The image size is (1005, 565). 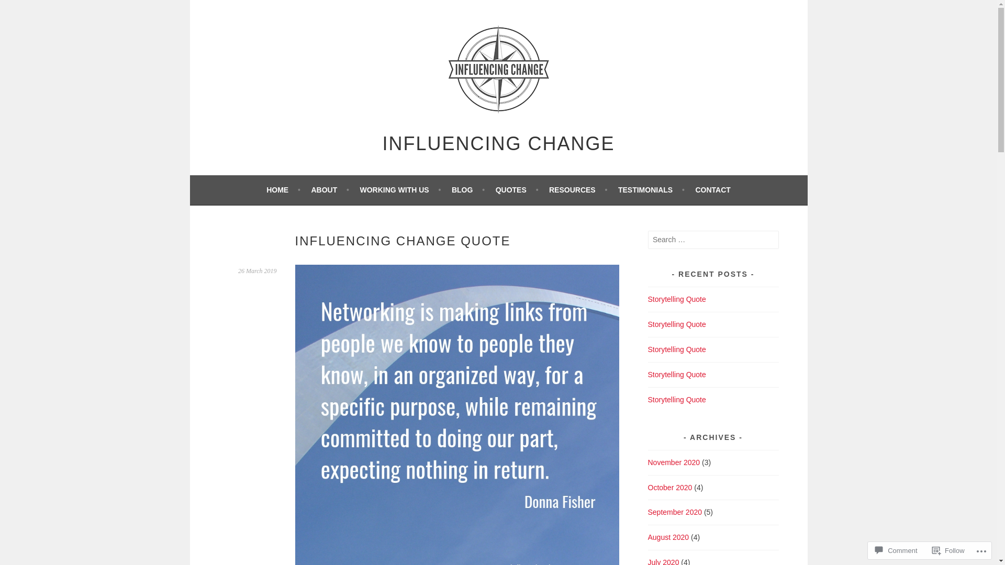 What do you see at coordinates (677, 374) in the screenshot?
I see `'Storytelling Quote'` at bounding box center [677, 374].